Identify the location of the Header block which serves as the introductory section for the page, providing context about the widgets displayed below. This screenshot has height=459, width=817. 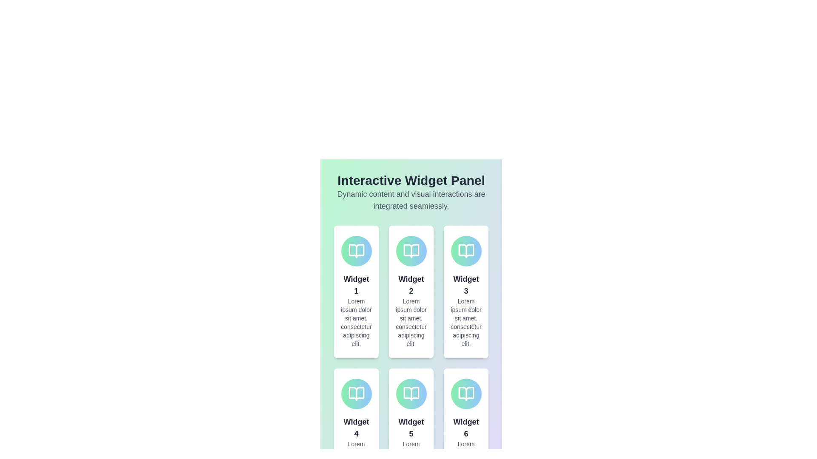
(411, 192).